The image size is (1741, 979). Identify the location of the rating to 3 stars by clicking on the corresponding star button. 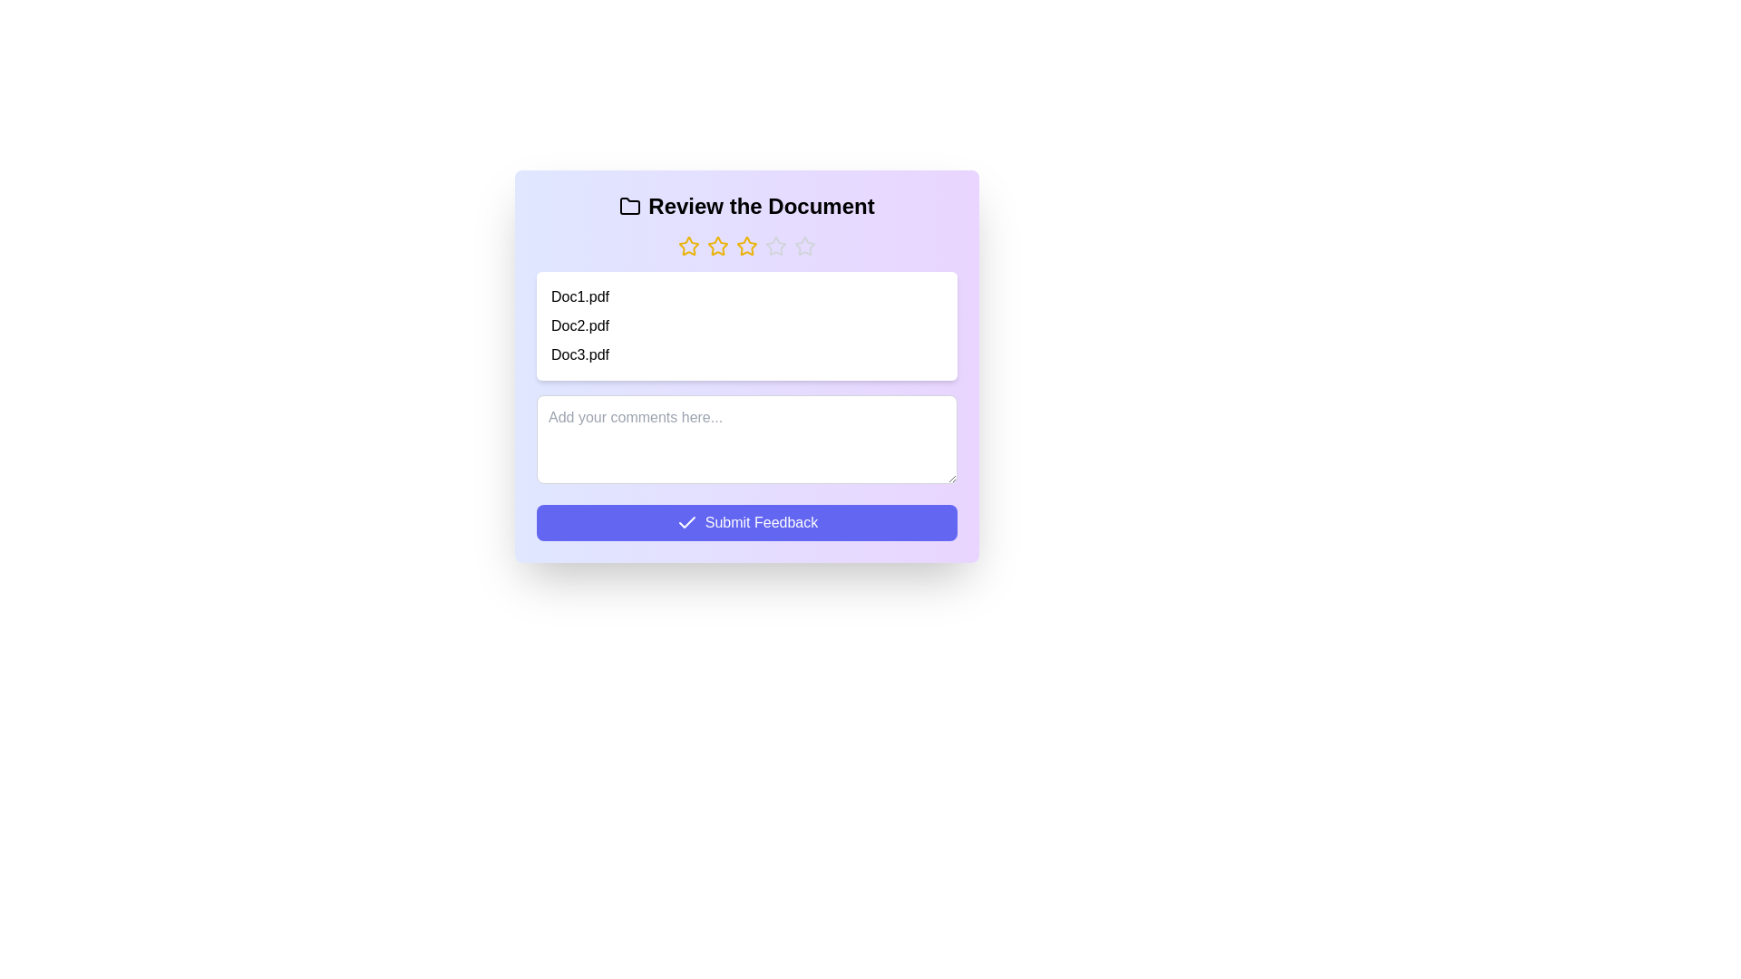
(747, 247).